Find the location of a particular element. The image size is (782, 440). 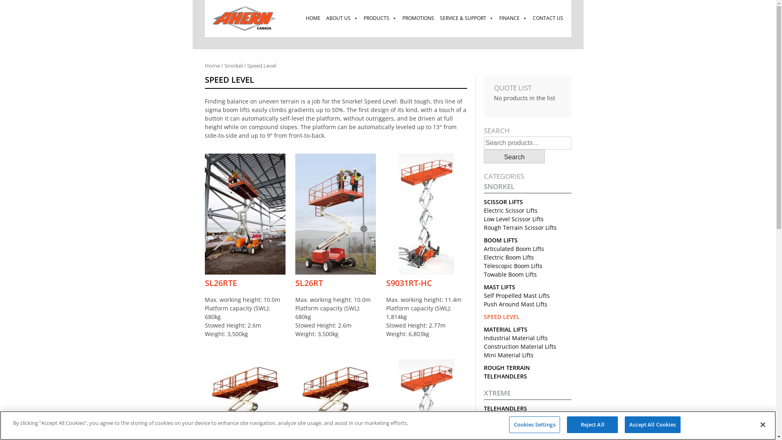

'HOME' is located at coordinates (312, 18).